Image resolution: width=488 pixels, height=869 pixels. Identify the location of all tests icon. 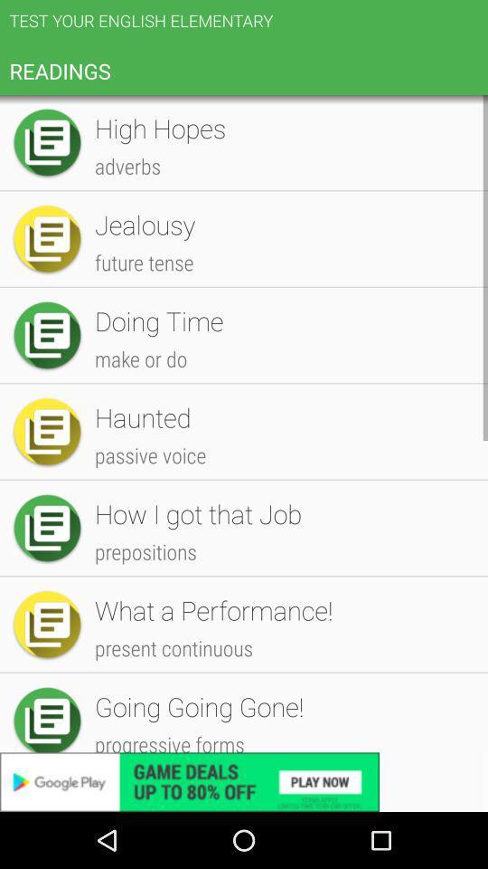
(282, 129).